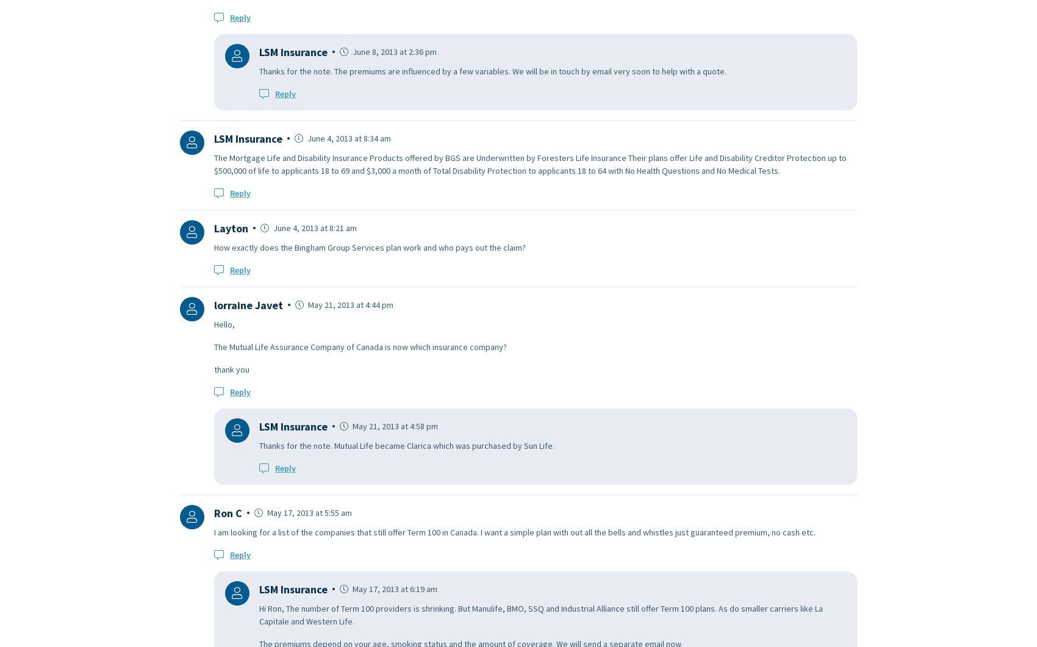 The height and width of the screenshot is (647, 1037). I want to click on 'May 21, 2013 at 4:44 pm', so click(349, 304).